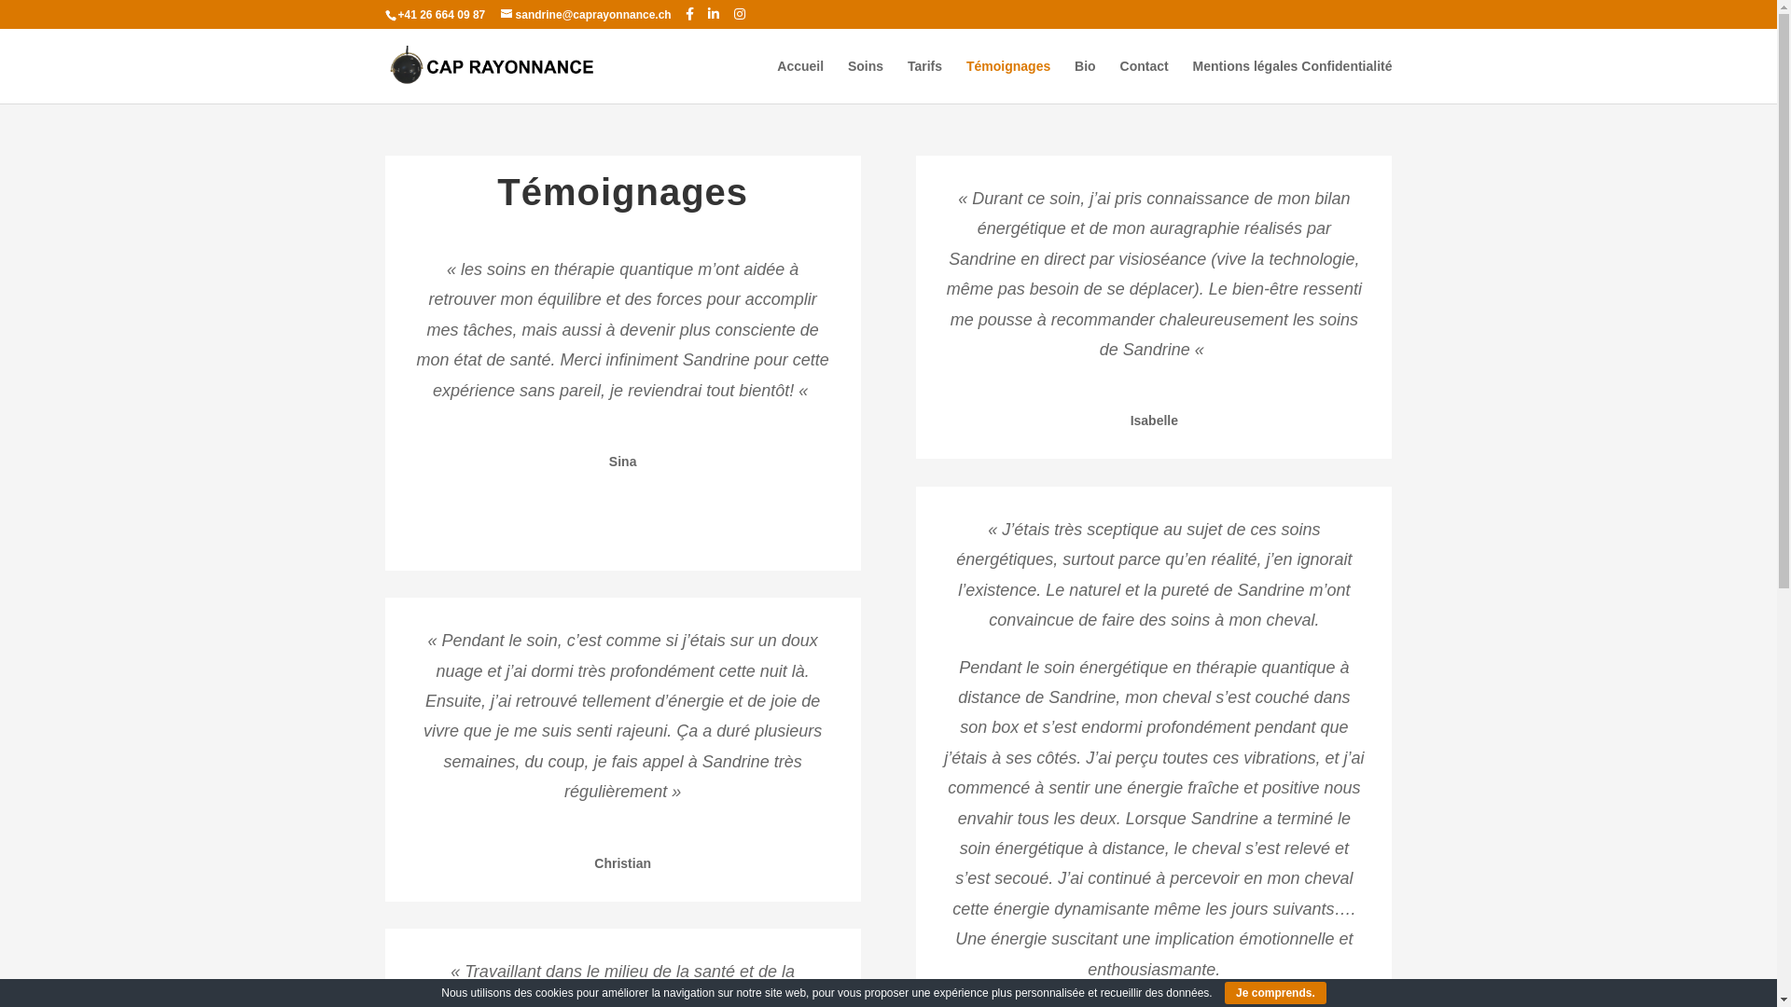 The width and height of the screenshot is (1791, 1007). What do you see at coordinates (1225, 991) in the screenshot?
I see `'Je comprends.'` at bounding box center [1225, 991].